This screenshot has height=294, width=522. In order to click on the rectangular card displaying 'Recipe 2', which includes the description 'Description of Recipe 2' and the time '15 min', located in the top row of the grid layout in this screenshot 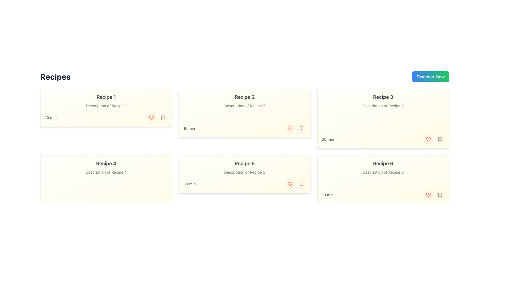, I will do `click(244, 113)`.